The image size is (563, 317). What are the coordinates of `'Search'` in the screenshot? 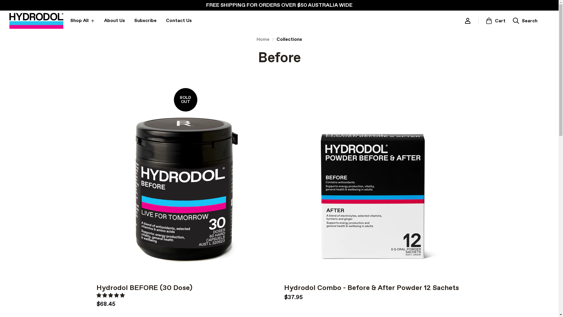 It's located at (525, 20).